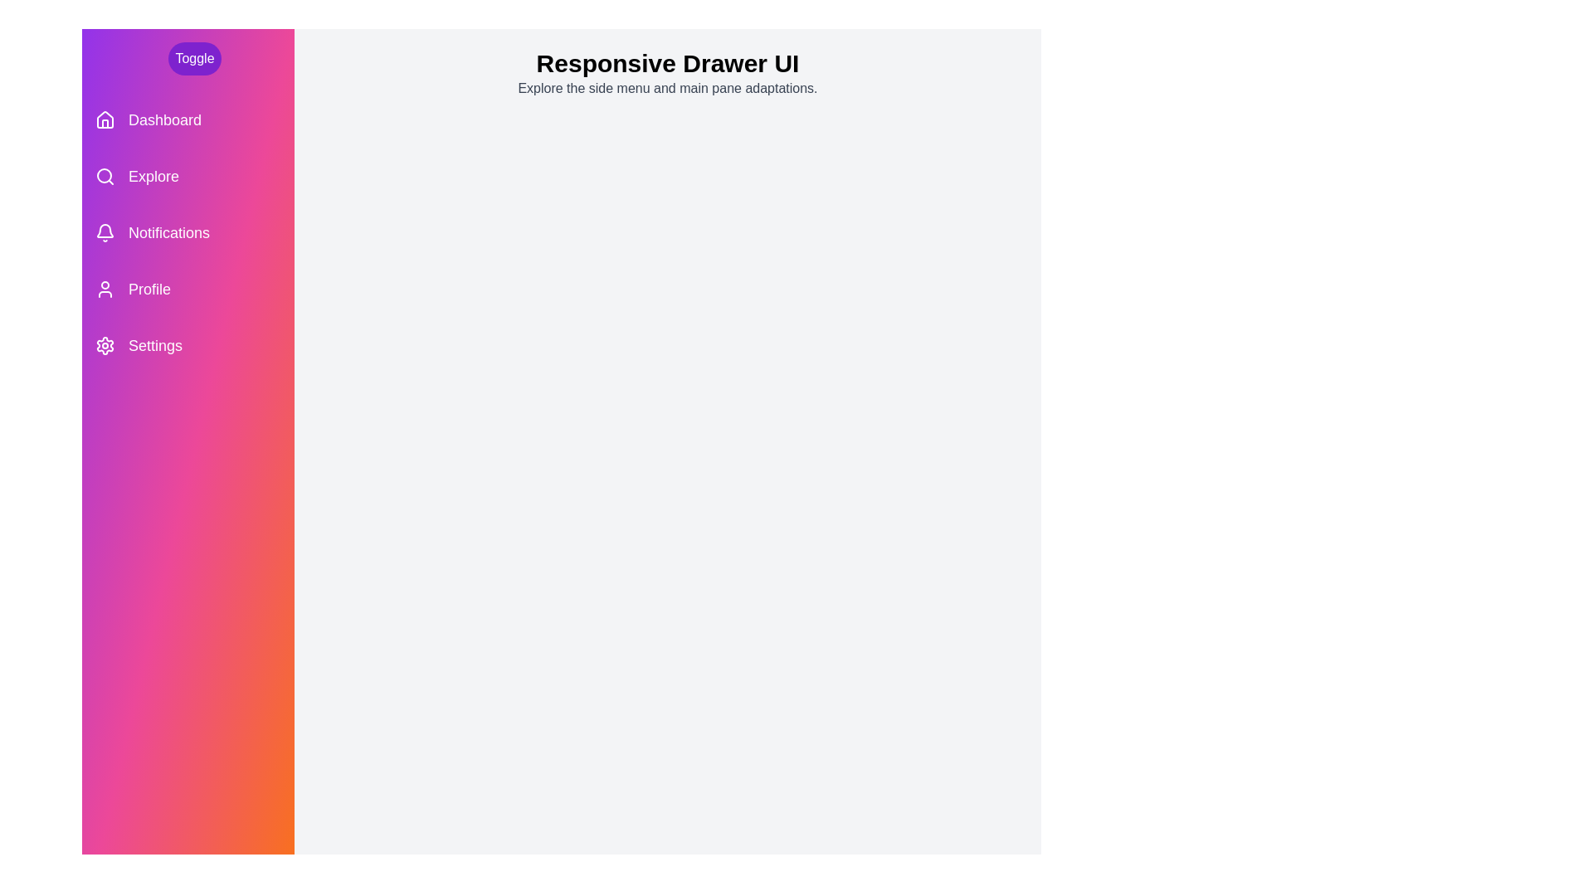 This screenshot has width=1593, height=896. What do you see at coordinates (195, 57) in the screenshot?
I see `toggle button to change the drawer's state` at bounding box center [195, 57].